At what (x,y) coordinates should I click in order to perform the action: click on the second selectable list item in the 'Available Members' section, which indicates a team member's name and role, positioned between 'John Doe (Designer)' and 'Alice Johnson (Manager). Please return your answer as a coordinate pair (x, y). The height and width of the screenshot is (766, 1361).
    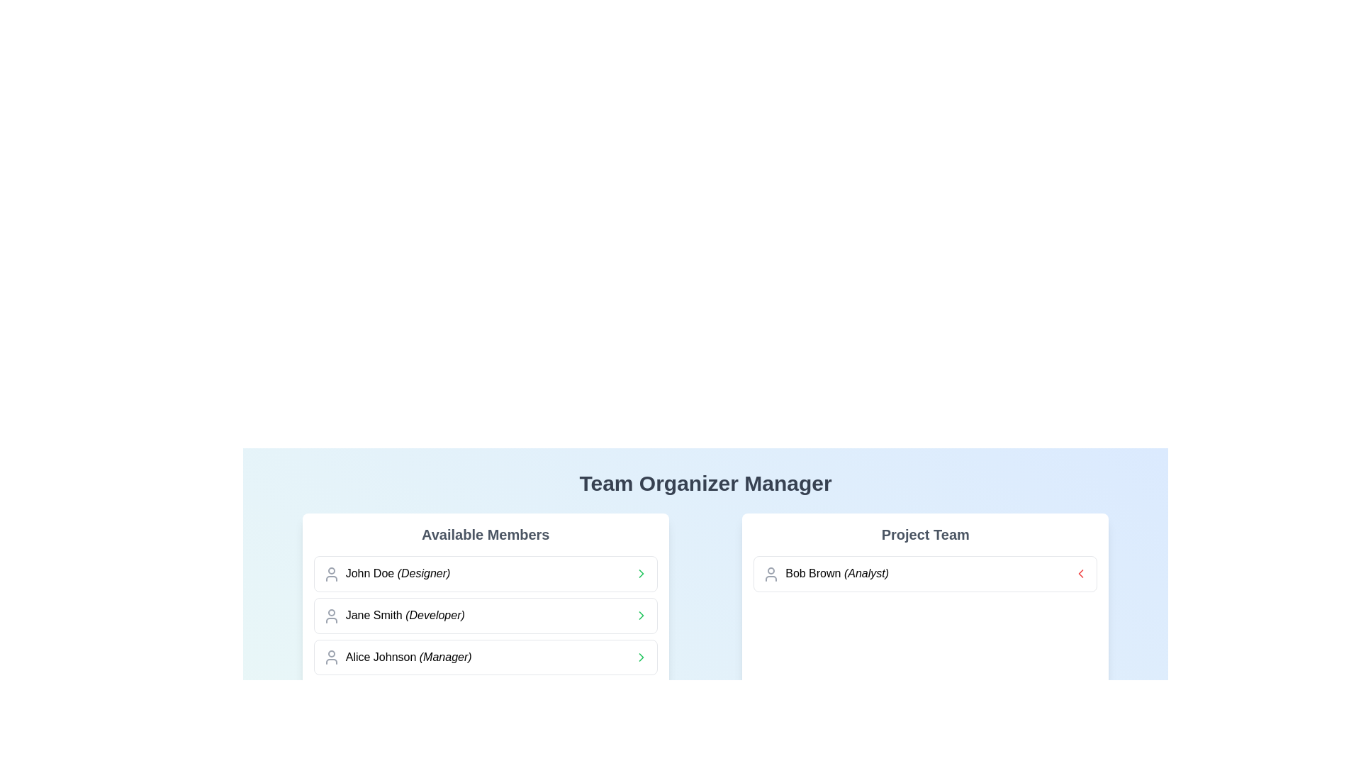
    Looking at the image, I should click on (486, 615).